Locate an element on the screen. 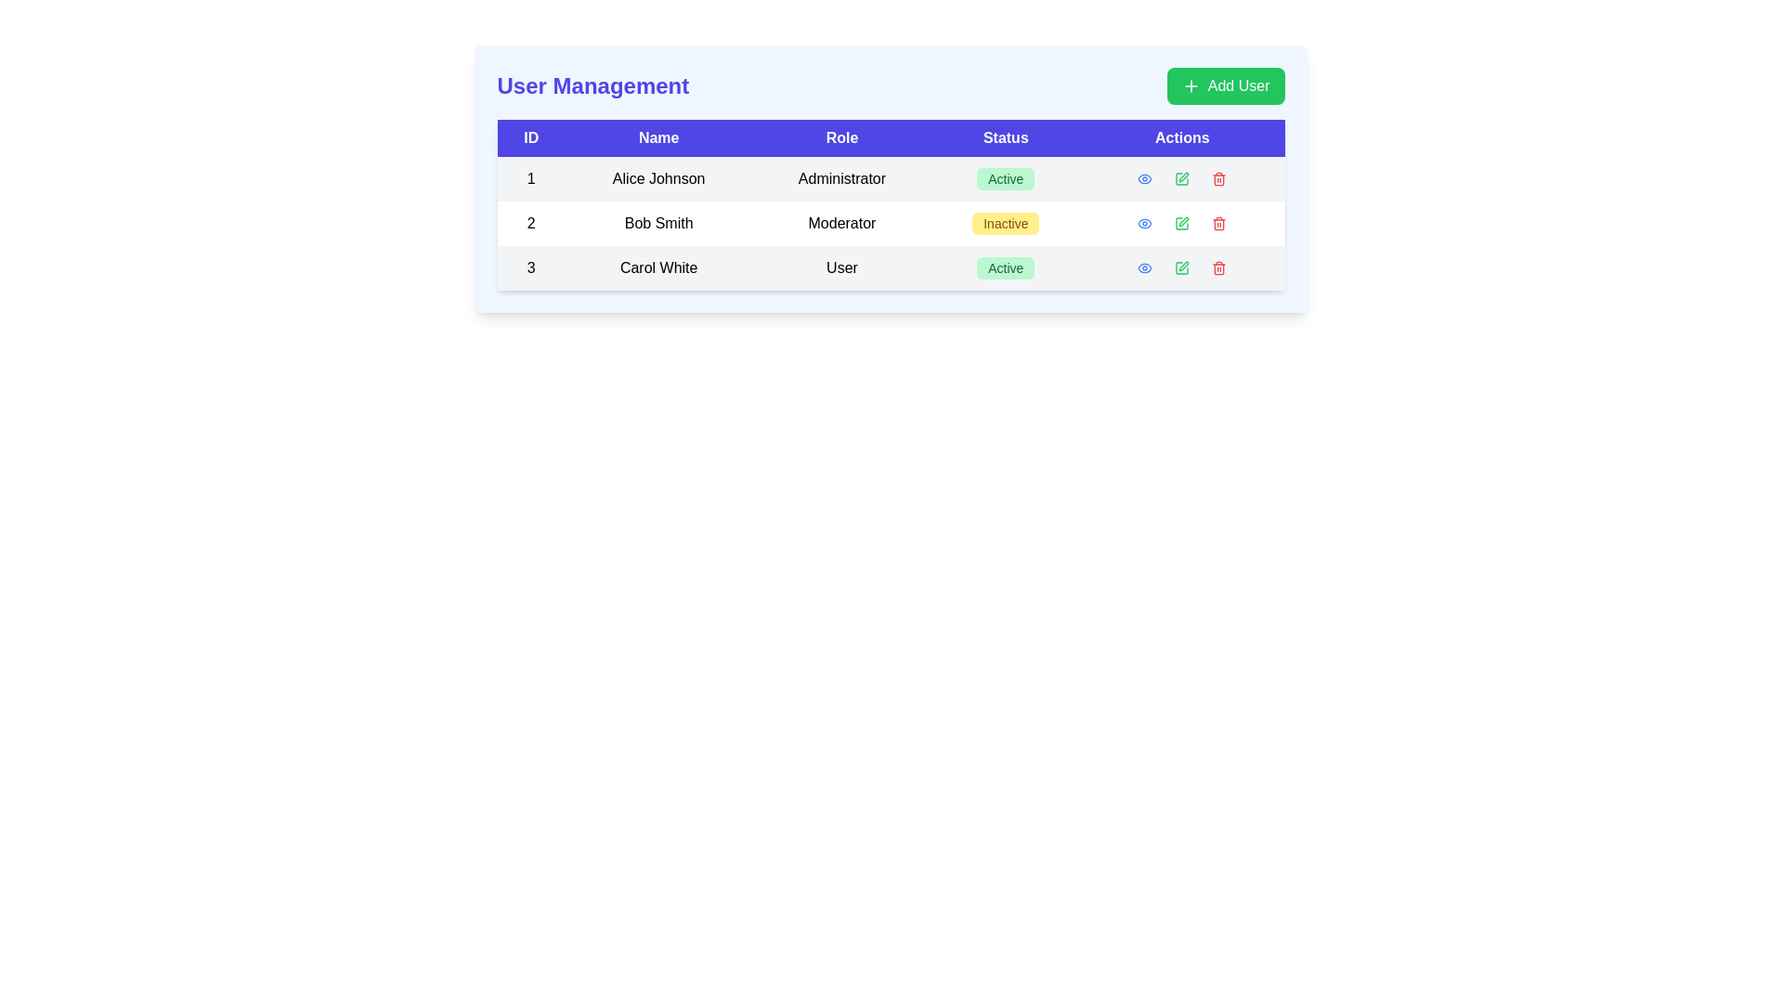 The image size is (1783, 1003). the blue eye icon button located in the Actions column of the first row of the user management table is located at coordinates (1144, 178).